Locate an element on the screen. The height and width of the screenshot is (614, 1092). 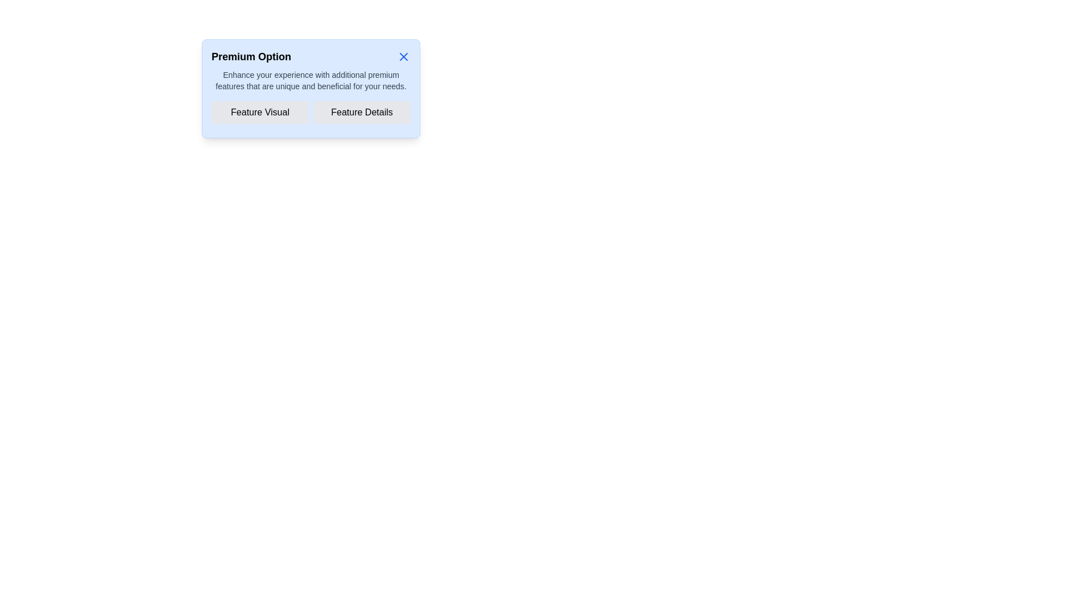
the promotional message text block encouraging users is located at coordinates (311, 80).